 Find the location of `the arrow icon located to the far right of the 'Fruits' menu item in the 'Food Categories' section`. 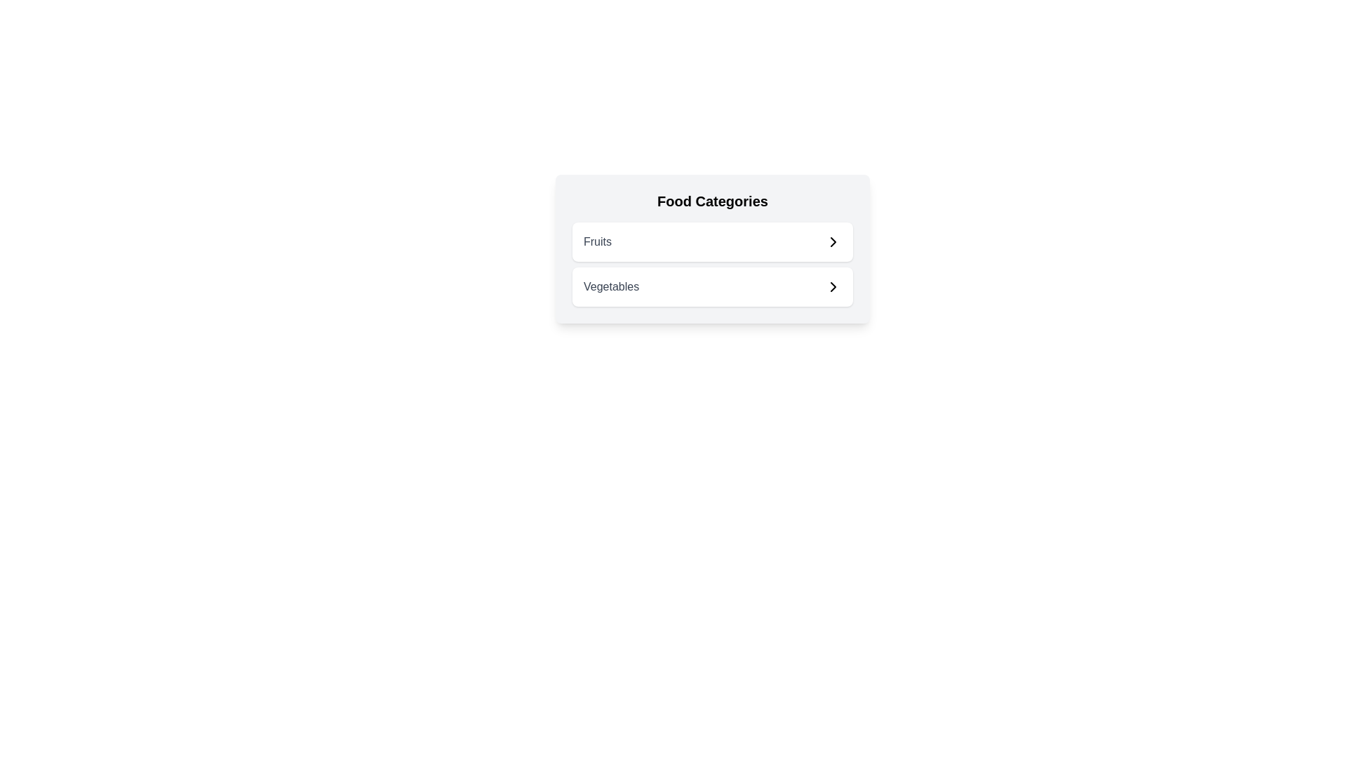

the arrow icon located to the far right of the 'Fruits' menu item in the 'Food Categories' section is located at coordinates (833, 241).